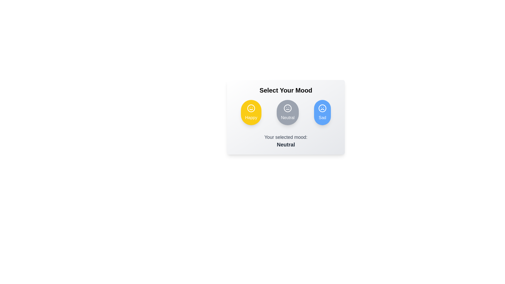 Image resolution: width=505 pixels, height=284 pixels. I want to click on the text-based label that indicates 'Your selected mood:' and shows 'Neutral' in bold, located below the mood selection icons, so click(285, 141).